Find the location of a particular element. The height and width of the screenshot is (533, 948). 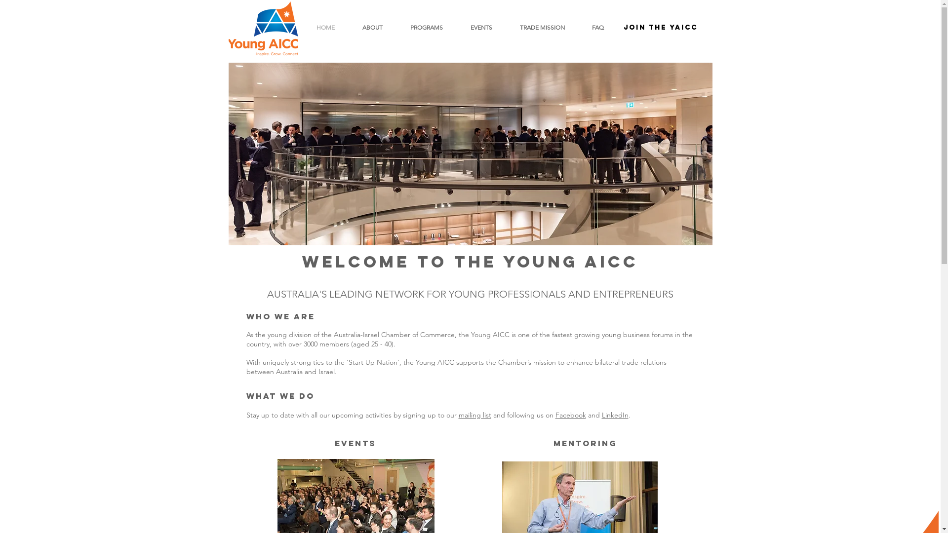

'LinkedIn' is located at coordinates (614, 415).